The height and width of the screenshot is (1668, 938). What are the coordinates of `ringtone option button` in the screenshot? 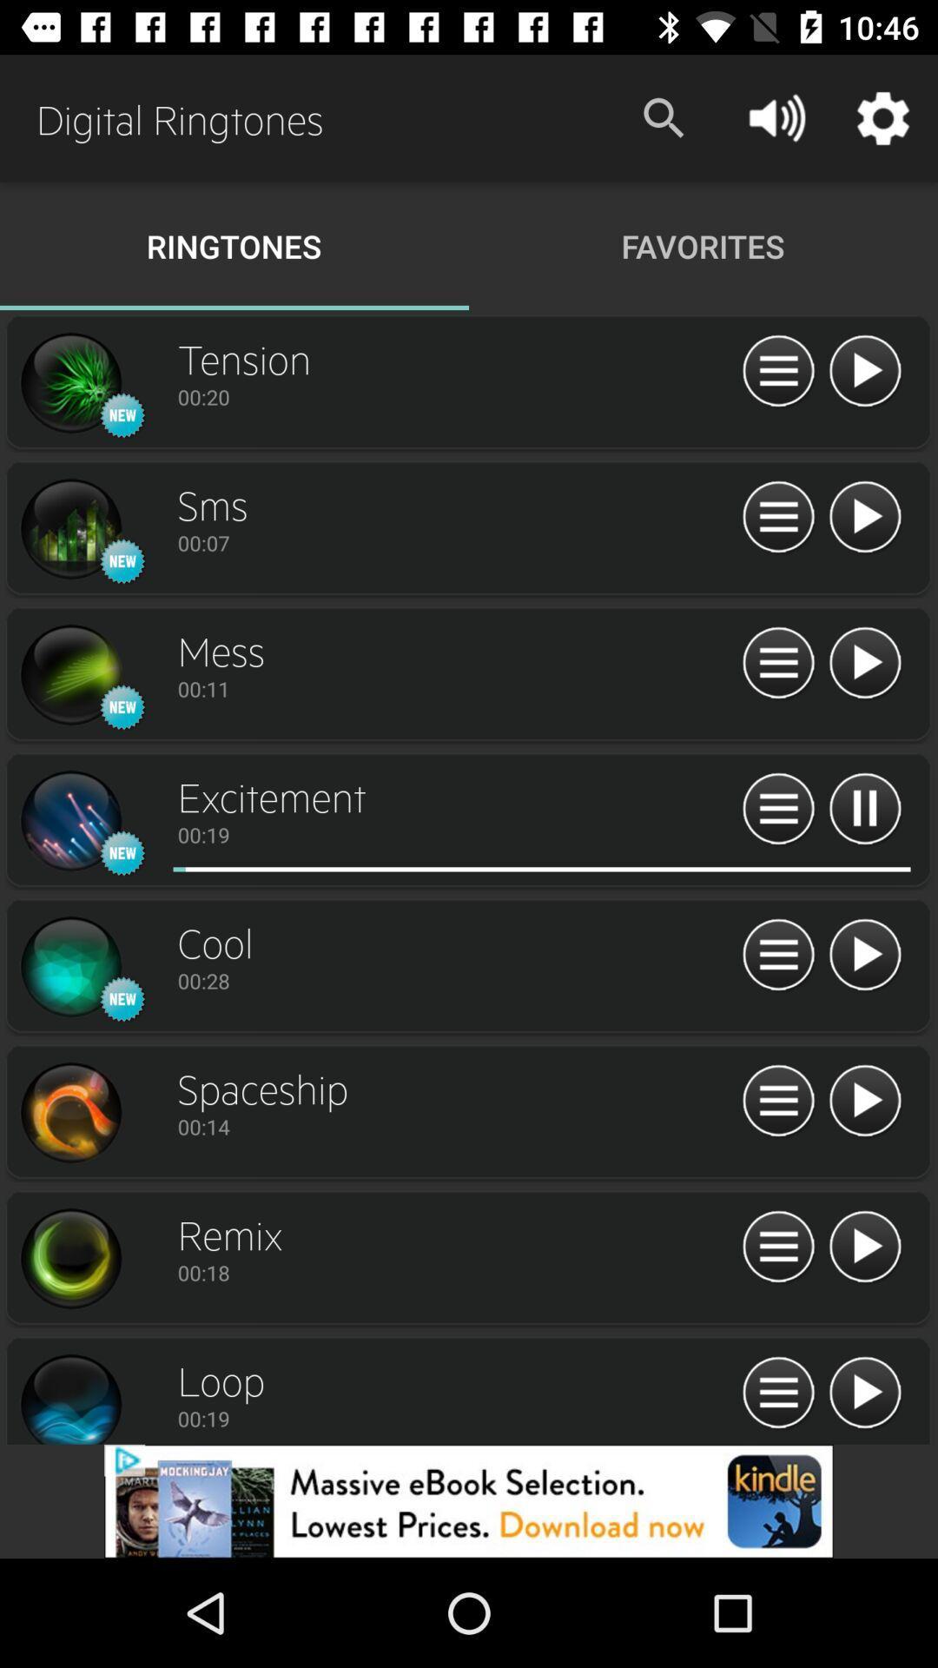 It's located at (777, 371).